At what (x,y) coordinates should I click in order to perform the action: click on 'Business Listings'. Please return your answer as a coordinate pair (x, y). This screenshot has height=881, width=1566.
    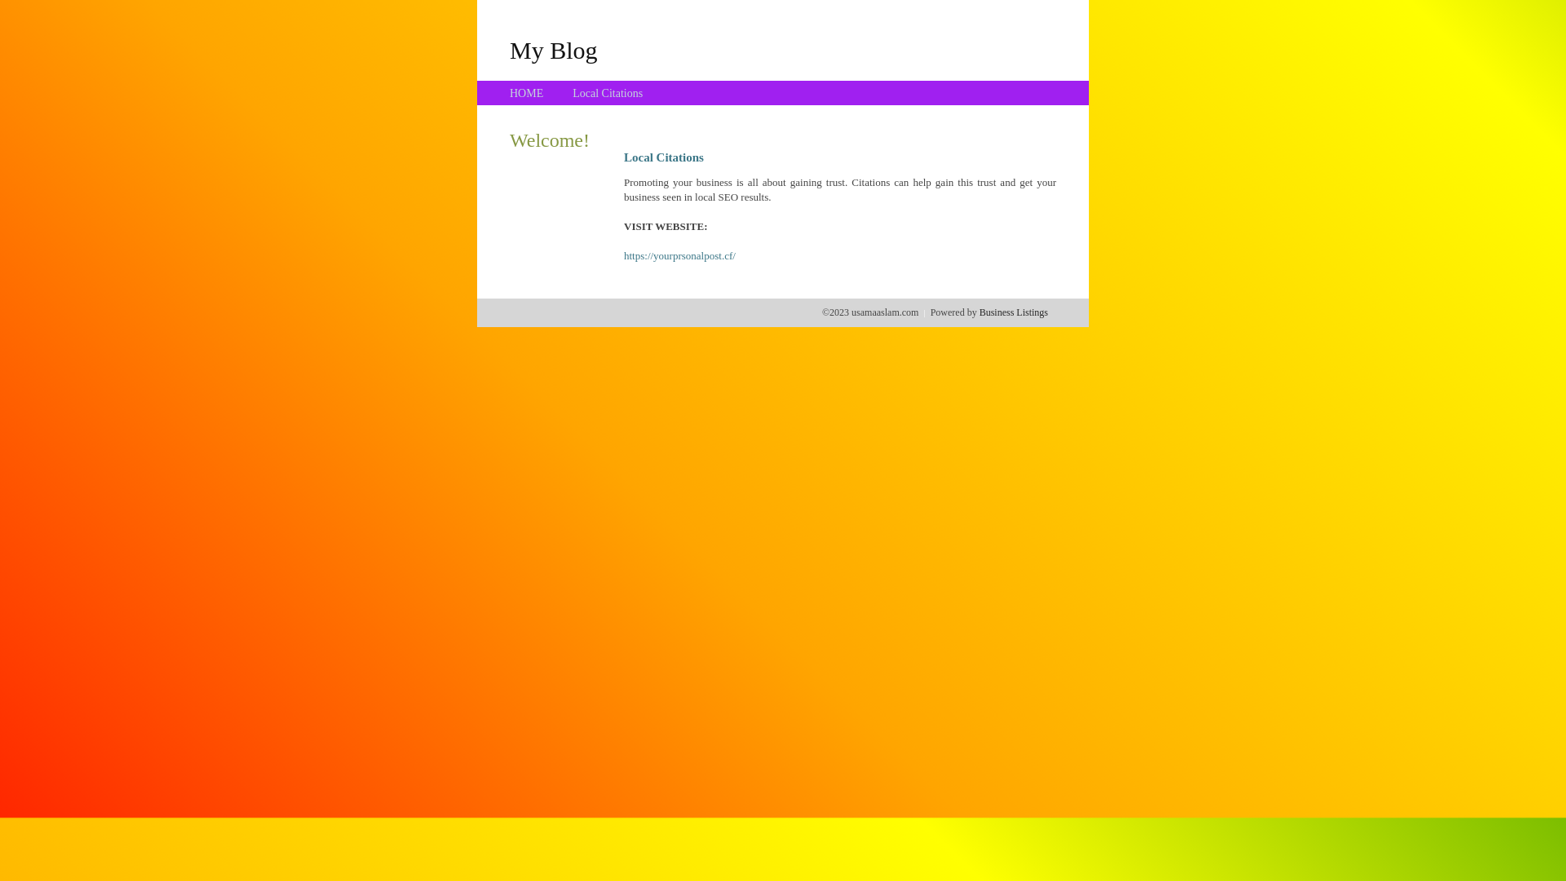
    Looking at the image, I should click on (1013, 312).